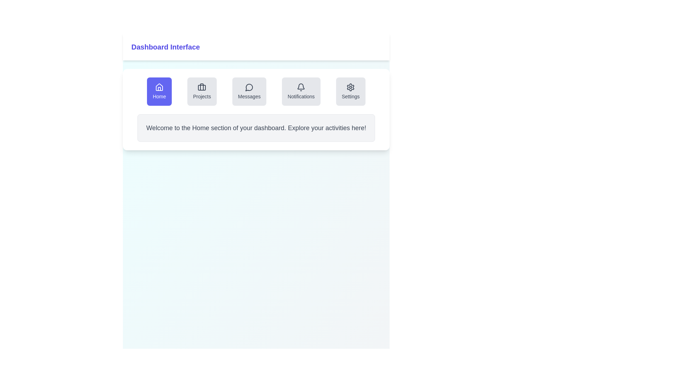 The width and height of the screenshot is (680, 382). I want to click on the 'Home' navigation button located in the top-left corner of the navigation bar below the 'Dashboard Interface' heading, so click(159, 91).